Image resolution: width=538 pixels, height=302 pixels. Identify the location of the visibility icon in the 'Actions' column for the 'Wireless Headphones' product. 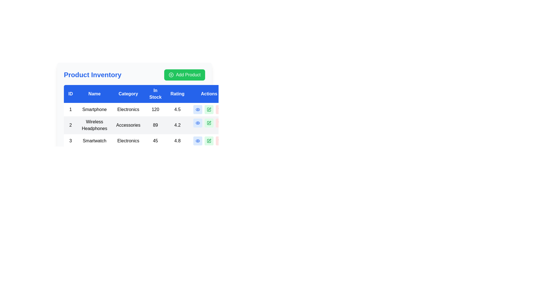
(198, 122).